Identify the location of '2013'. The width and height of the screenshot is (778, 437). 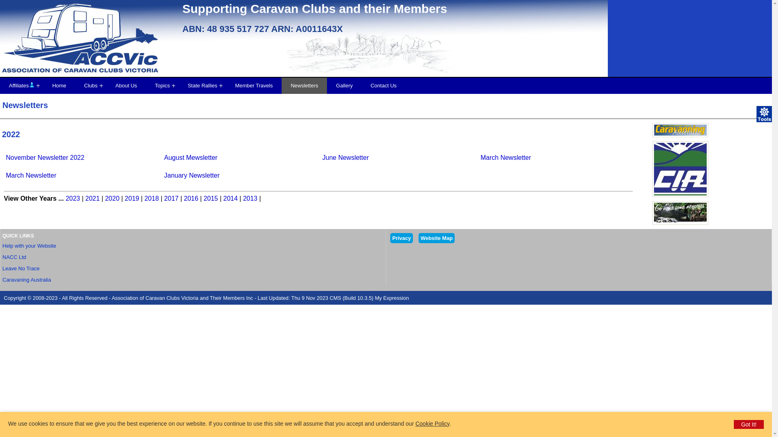
(243, 198).